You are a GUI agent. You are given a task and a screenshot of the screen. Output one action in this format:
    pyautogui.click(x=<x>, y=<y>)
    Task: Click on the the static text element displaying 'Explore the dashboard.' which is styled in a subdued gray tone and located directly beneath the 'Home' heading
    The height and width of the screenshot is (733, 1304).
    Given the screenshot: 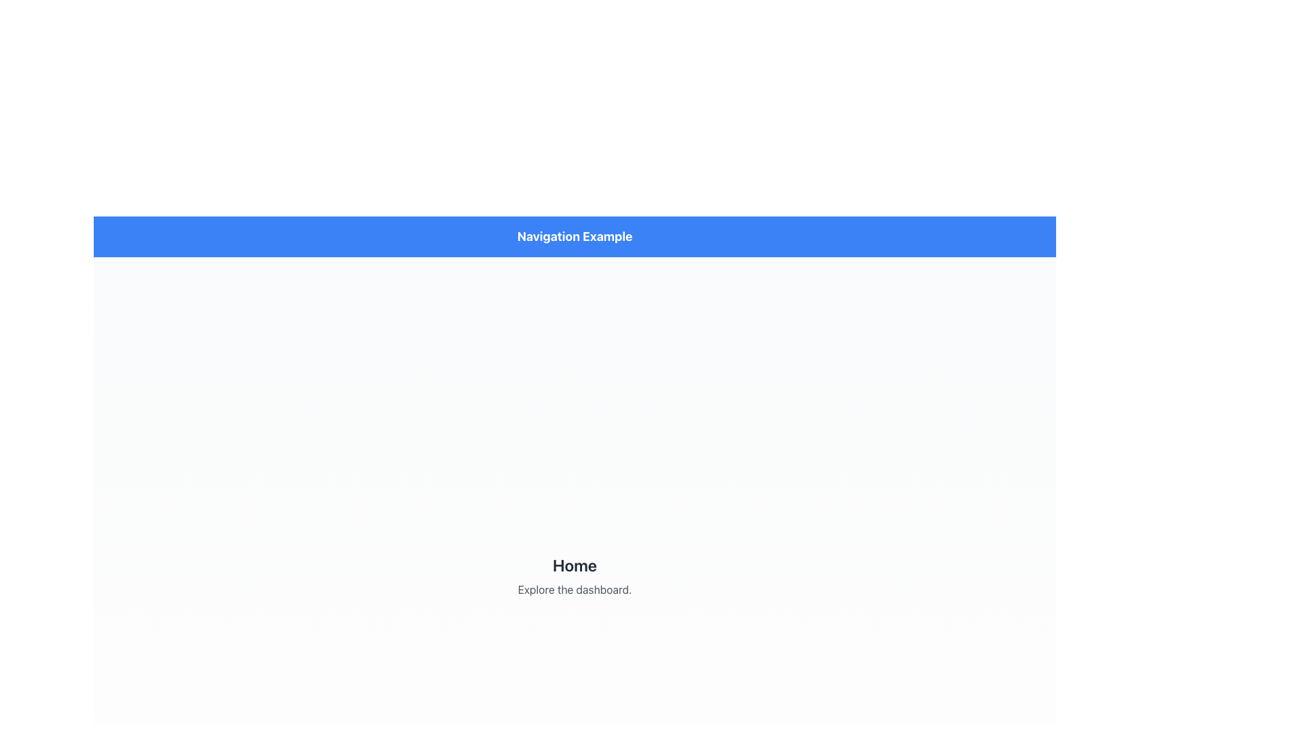 What is the action you would take?
    pyautogui.click(x=575, y=588)
    